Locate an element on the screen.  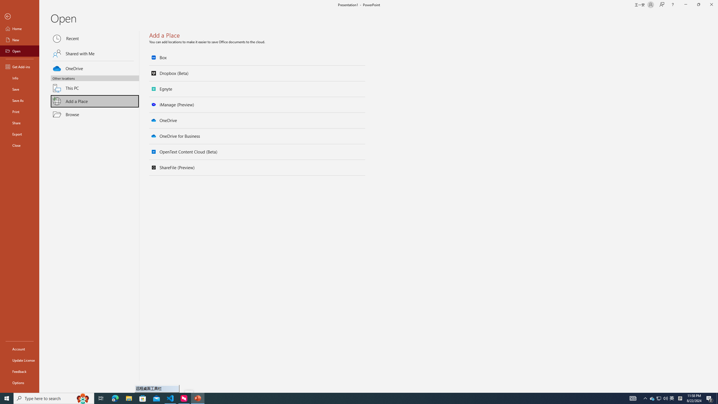
'Options' is located at coordinates (19, 382).